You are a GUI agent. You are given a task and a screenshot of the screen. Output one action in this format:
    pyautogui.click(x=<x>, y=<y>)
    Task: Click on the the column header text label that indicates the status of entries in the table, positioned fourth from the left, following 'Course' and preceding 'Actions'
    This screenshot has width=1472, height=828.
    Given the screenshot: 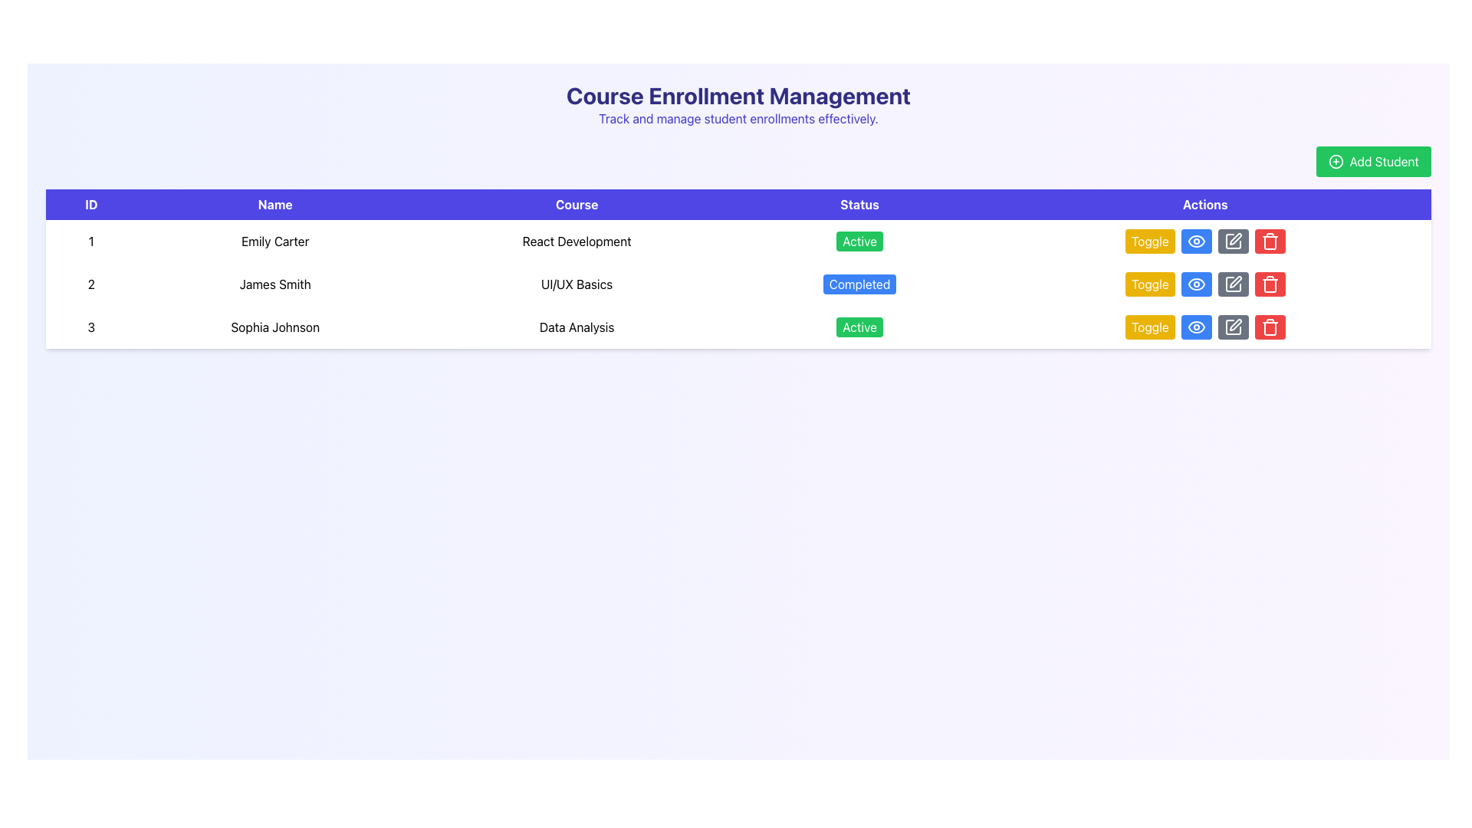 What is the action you would take?
    pyautogui.click(x=859, y=203)
    